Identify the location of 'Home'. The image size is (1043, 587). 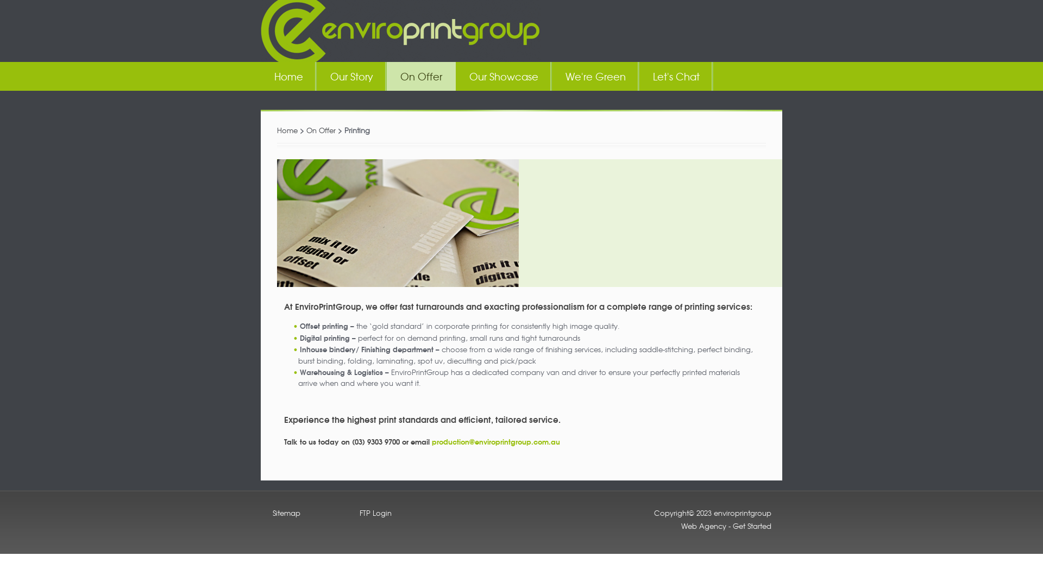
(287, 129).